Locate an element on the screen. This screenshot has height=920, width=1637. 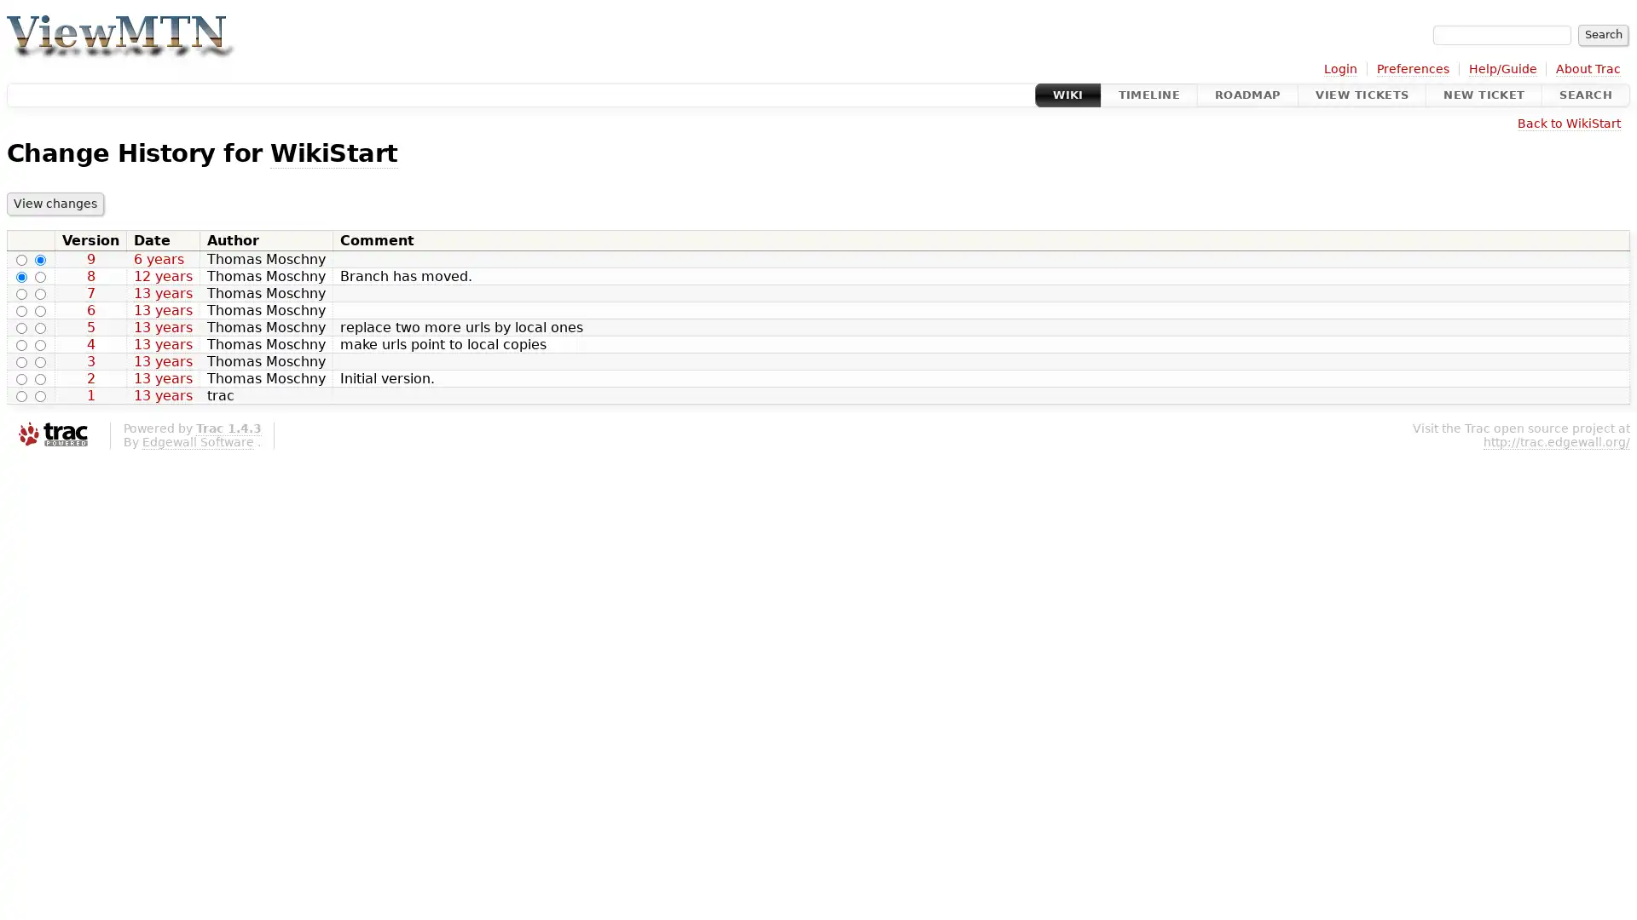
Search is located at coordinates (1602, 35).